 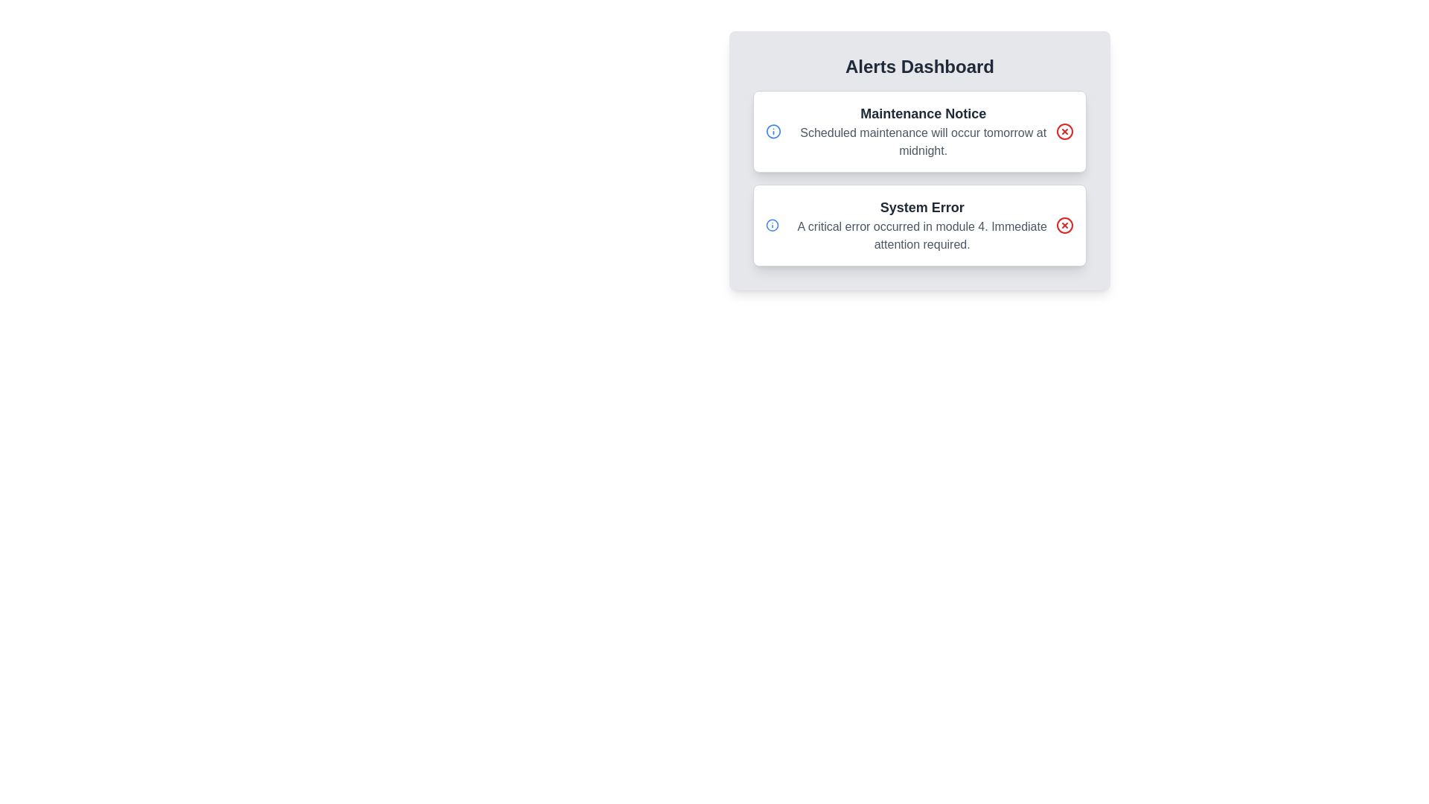 I want to click on the dismiss button of the 'System Error' alert, so click(x=1064, y=226).